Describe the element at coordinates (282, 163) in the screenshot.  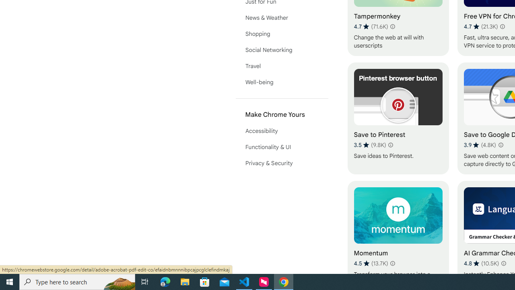
I see `'Privacy & Security'` at that location.